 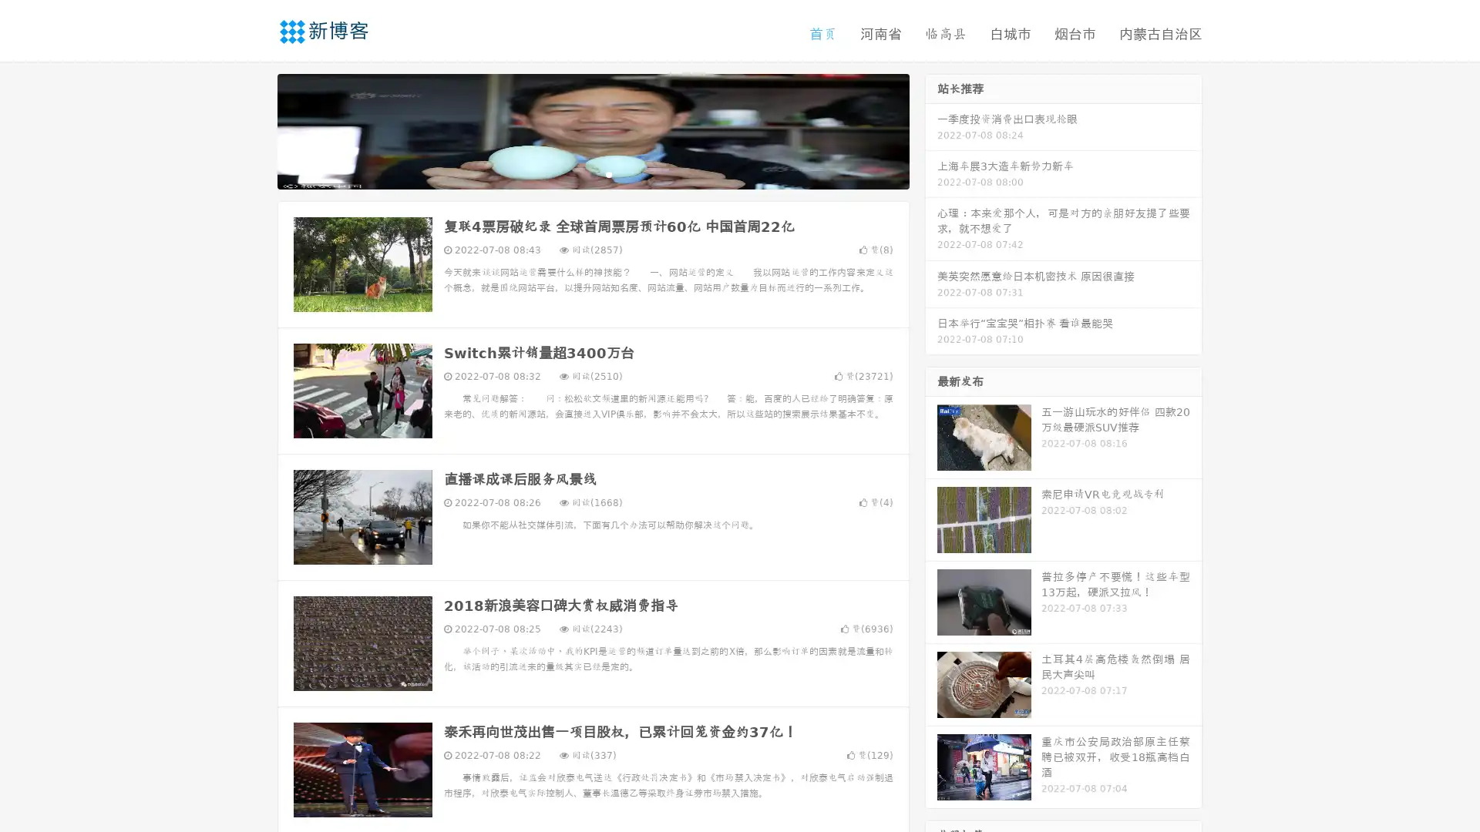 What do you see at coordinates (608, 173) in the screenshot?
I see `Go to slide 3` at bounding box center [608, 173].